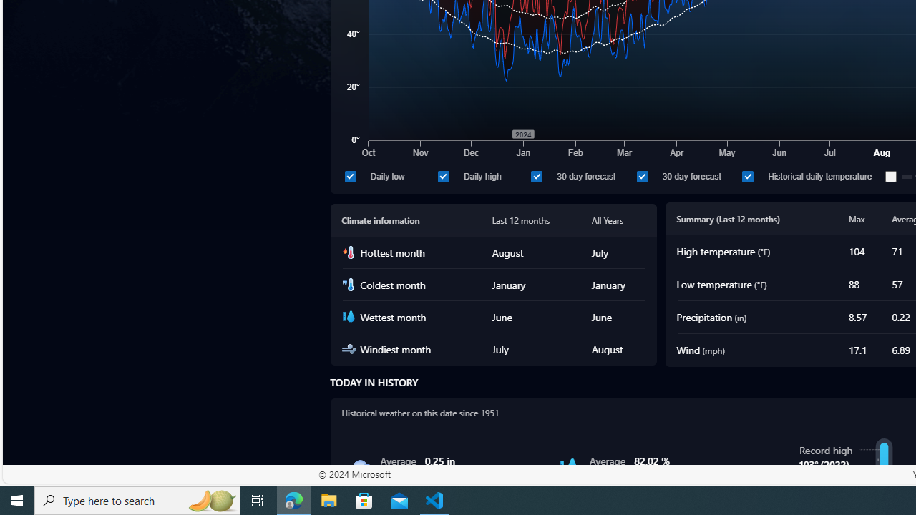 The image size is (916, 515). I want to click on '30 day forecast', so click(687, 175).